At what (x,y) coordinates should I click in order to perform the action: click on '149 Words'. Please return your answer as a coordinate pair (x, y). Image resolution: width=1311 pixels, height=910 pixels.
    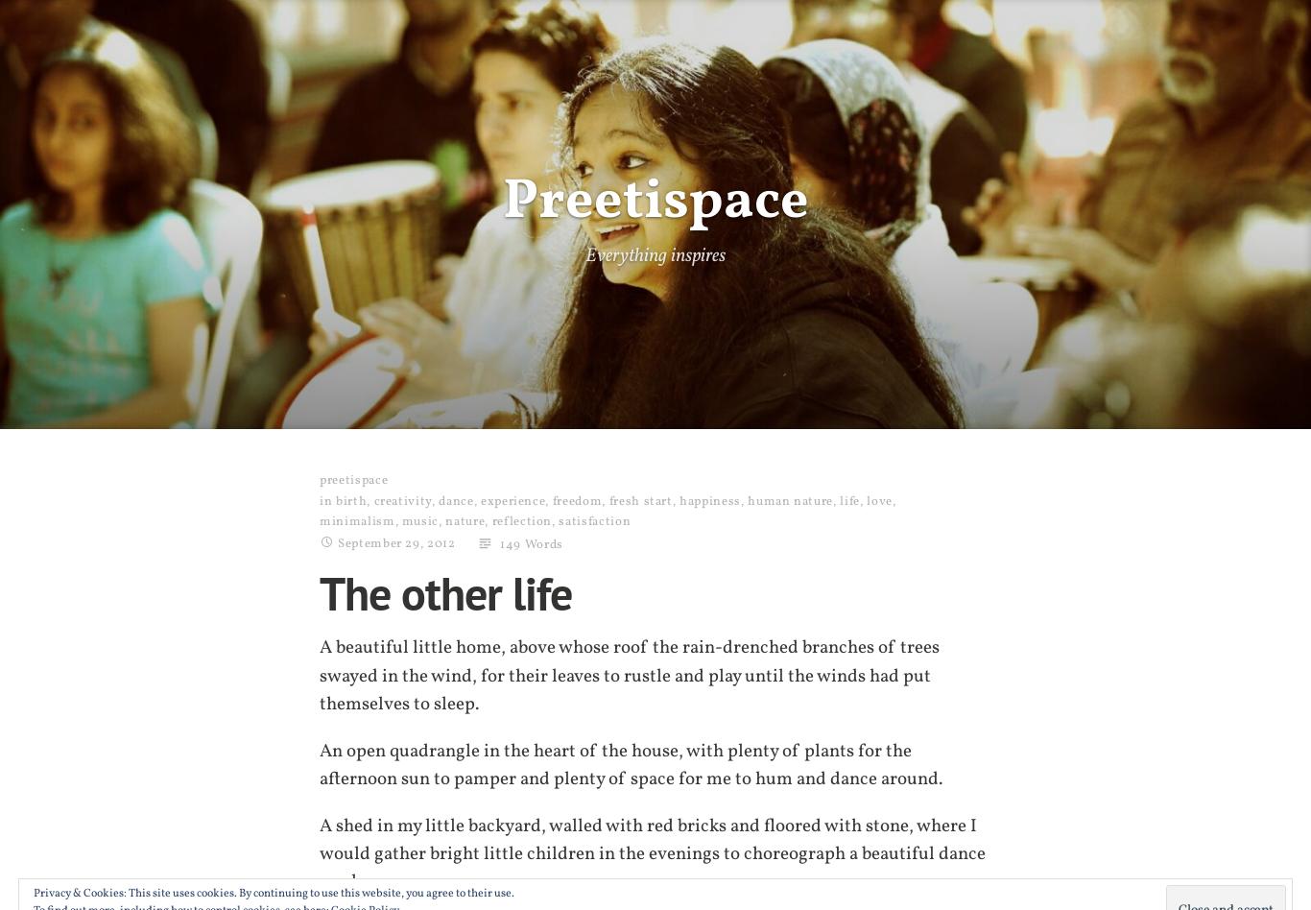
    Looking at the image, I should click on (531, 543).